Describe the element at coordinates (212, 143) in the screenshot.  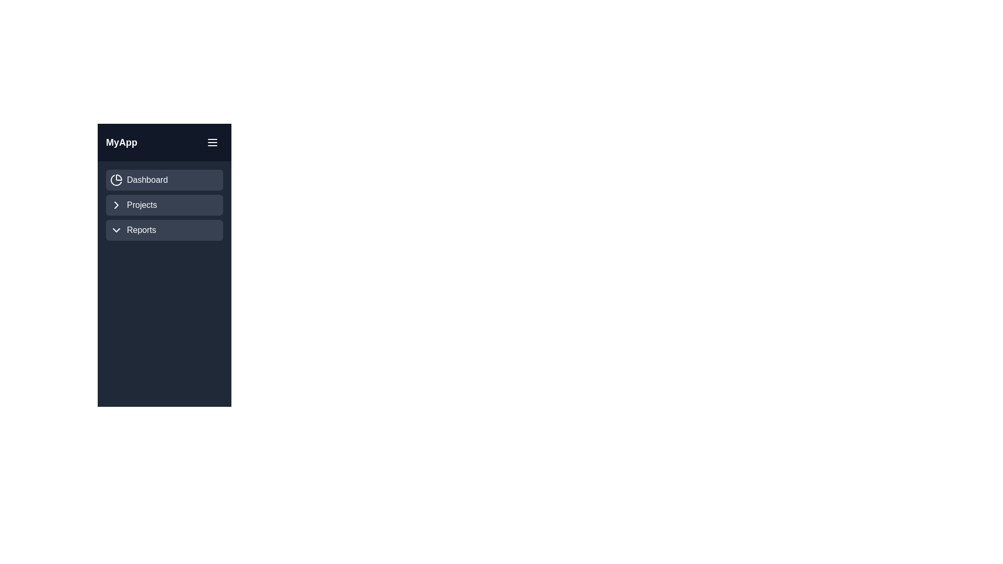
I see `the toggle button to toggle the sidebar menu visibility` at that location.